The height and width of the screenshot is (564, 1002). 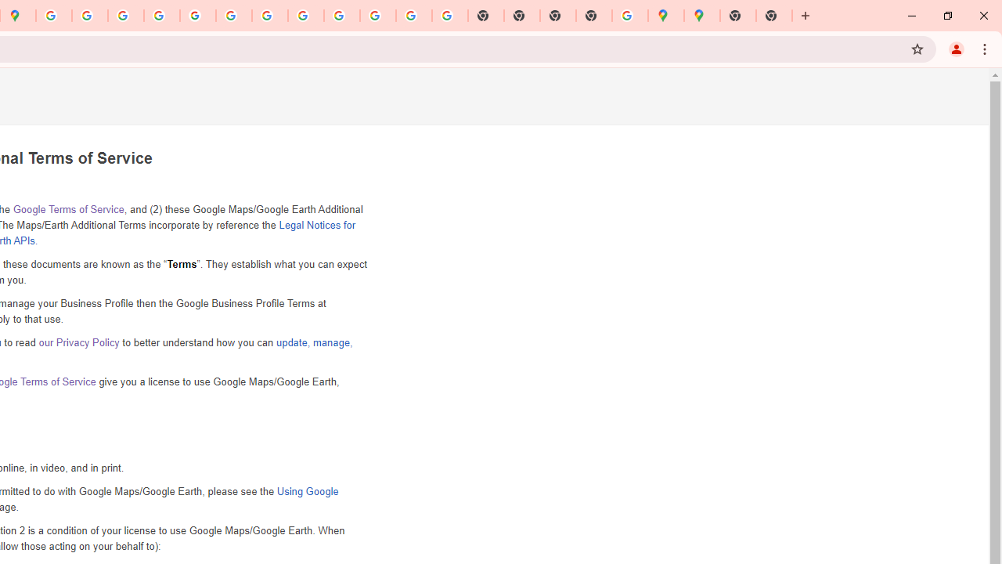 I want to click on 'Google Maps', so click(x=666, y=16).